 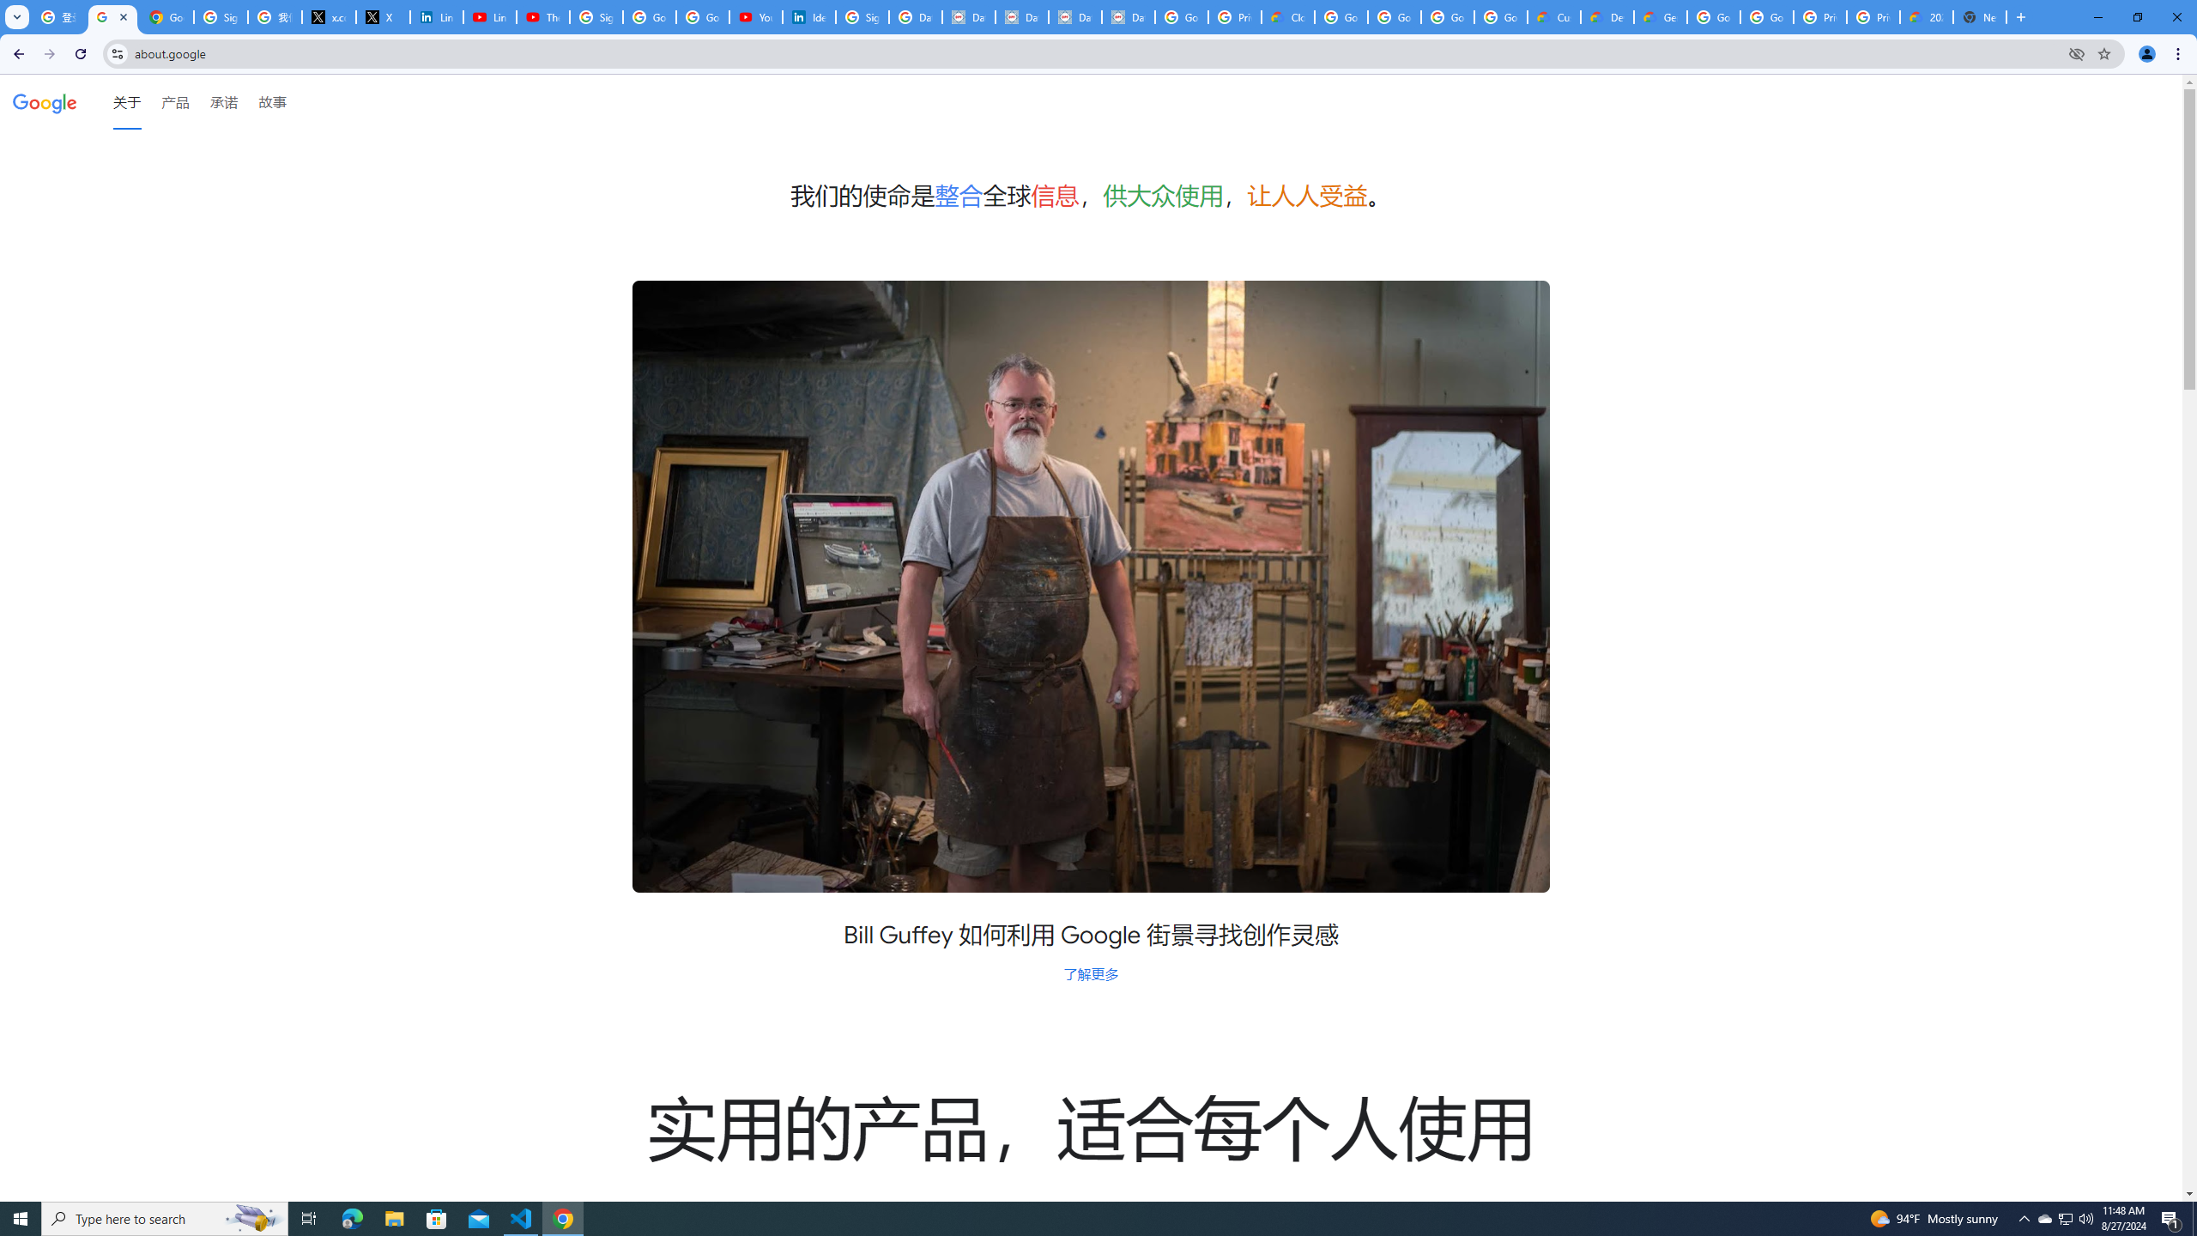 I want to click on 'Google', so click(x=45, y=101).